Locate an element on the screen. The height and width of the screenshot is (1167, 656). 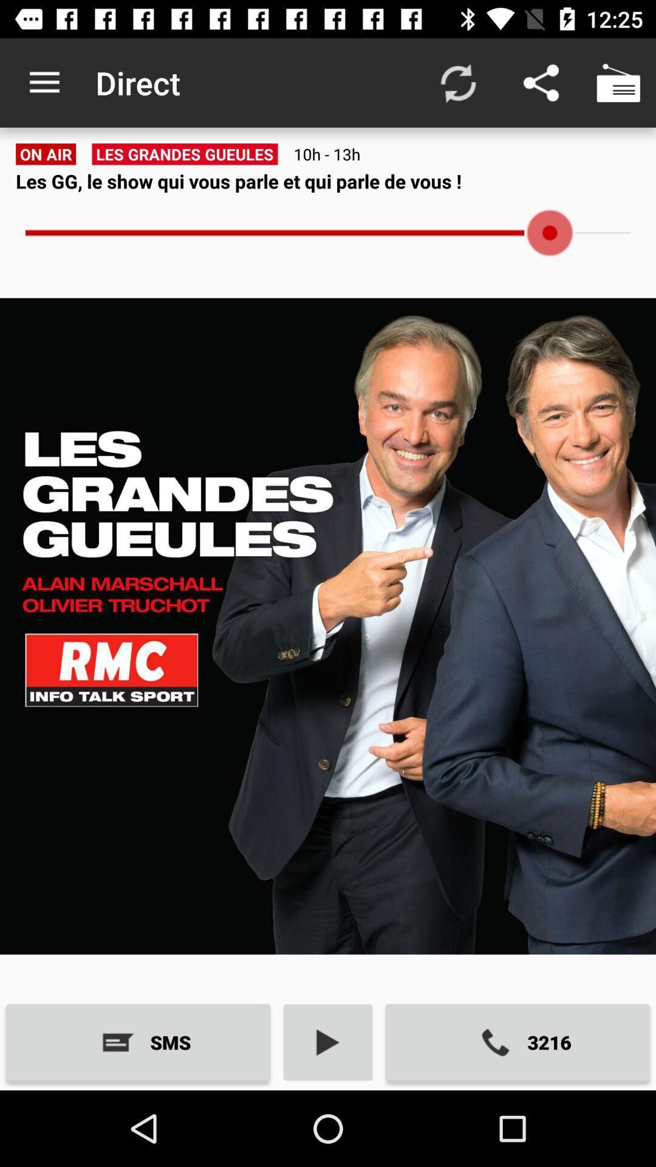
the 3216 at the bottom right corner is located at coordinates (518, 1042).